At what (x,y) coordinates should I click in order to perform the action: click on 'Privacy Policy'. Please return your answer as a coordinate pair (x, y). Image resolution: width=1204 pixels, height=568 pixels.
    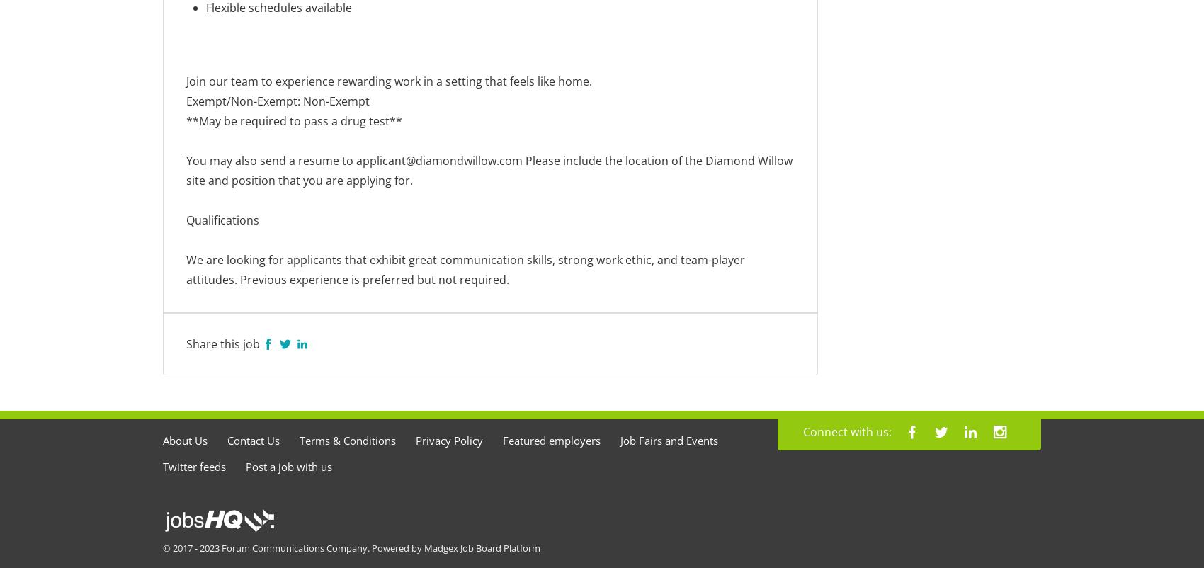
    Looking at the image, I should click on (448, 440).